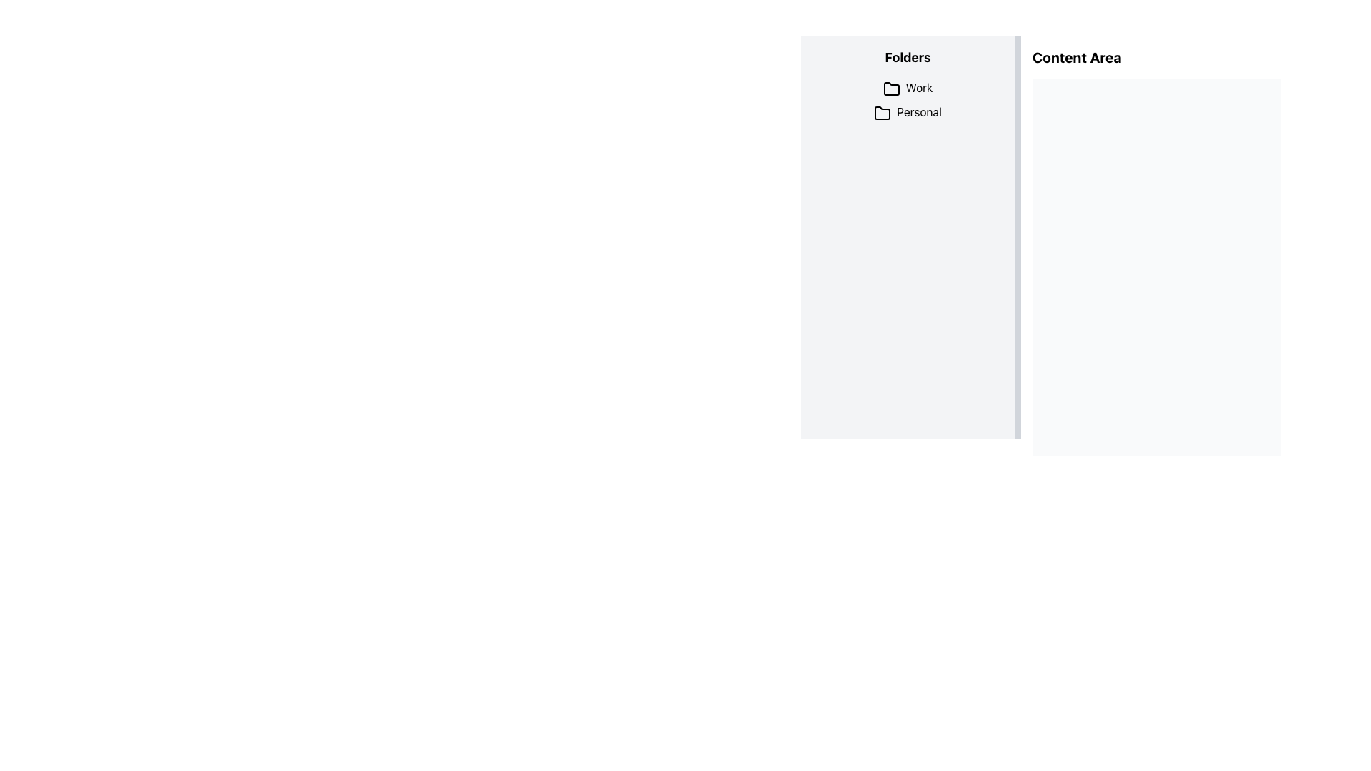  I want to click on the folder icon representing 'Work' in the Folders section, so click(890, 89).